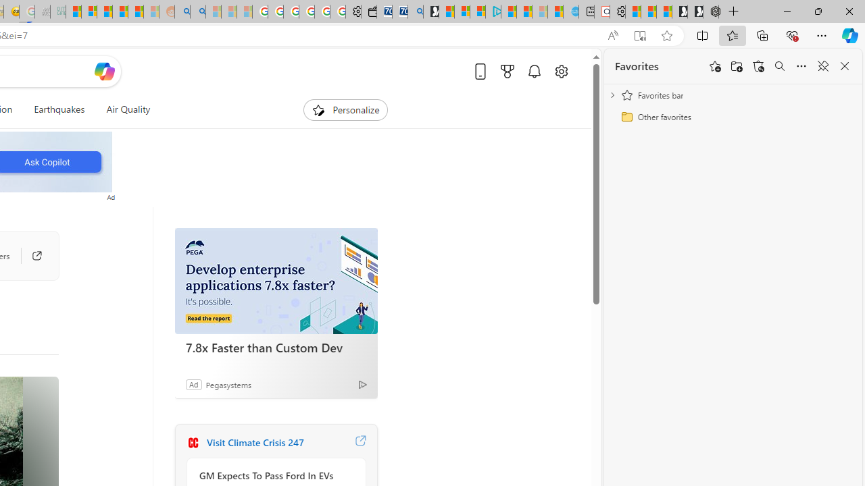  I want to click on 'Go to publisher', so click(36, 256).